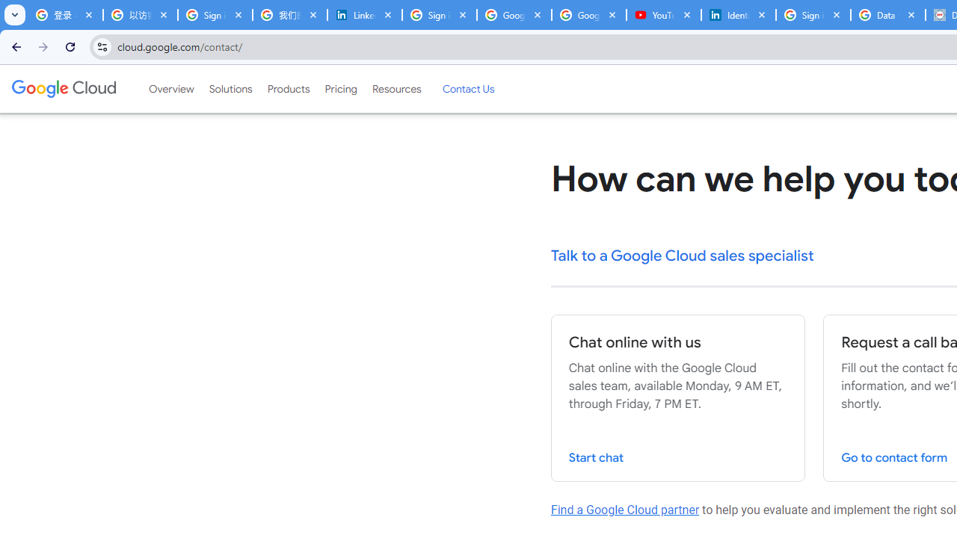 The image size is (957, 538). Describe the element at coordinates (288, 89) in the screenshot. I see `'Products'` at that location.